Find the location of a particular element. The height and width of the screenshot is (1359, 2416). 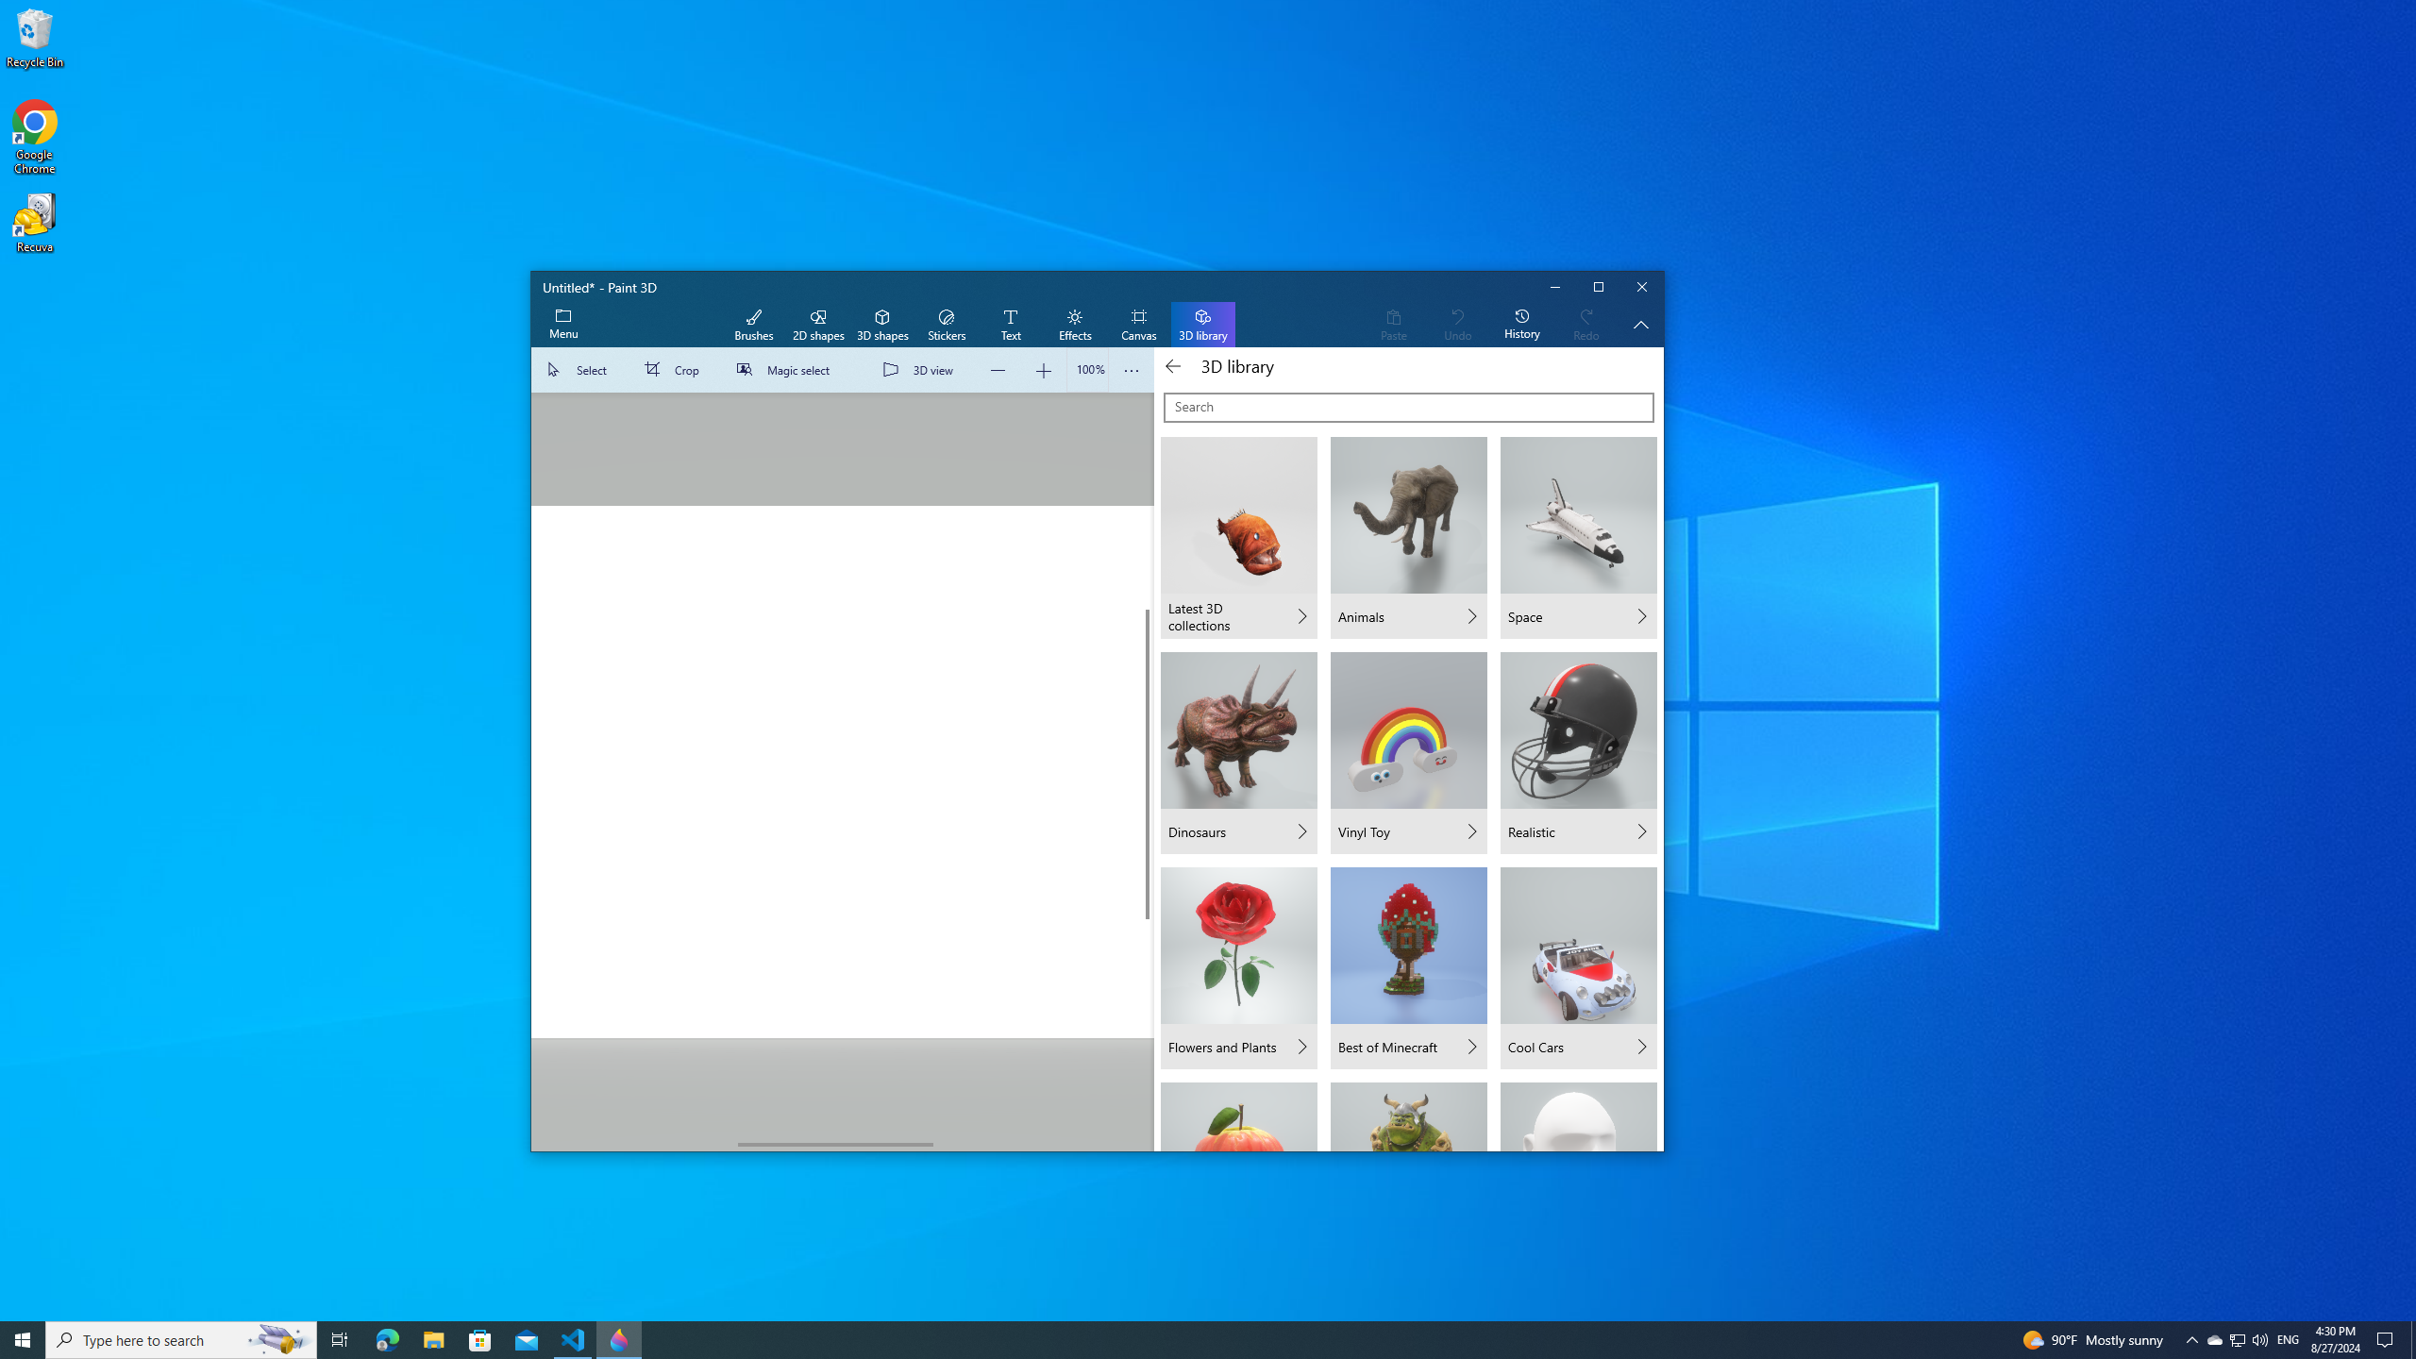

'History' is located at coordinates (1520, 325).